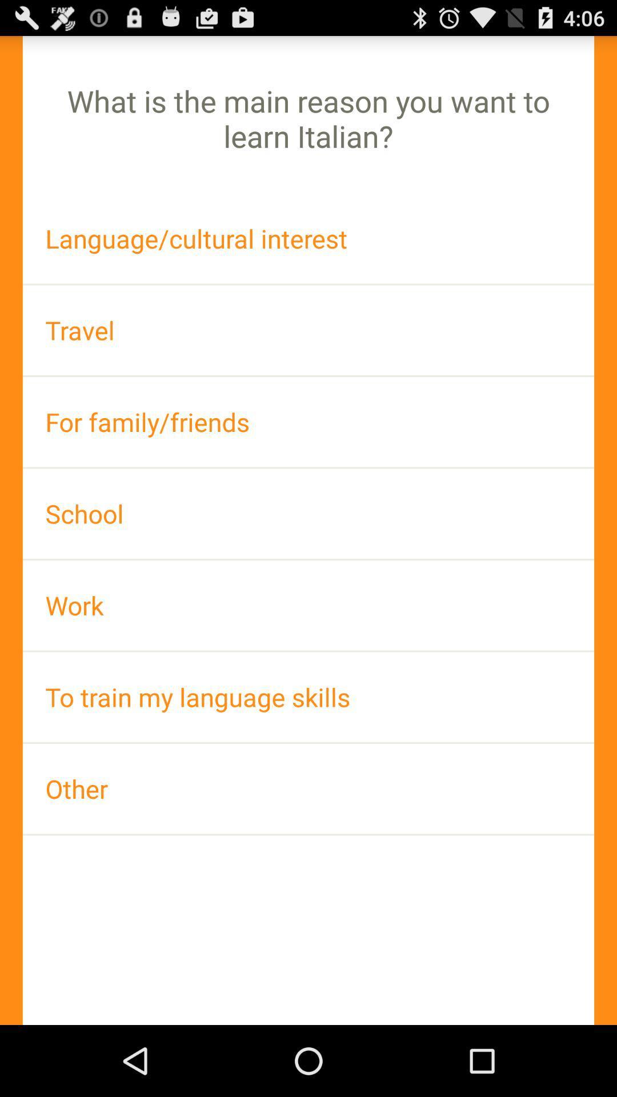  Describe the element at coordinates (308, 788) in the screenshot. I see `the other` at that location.